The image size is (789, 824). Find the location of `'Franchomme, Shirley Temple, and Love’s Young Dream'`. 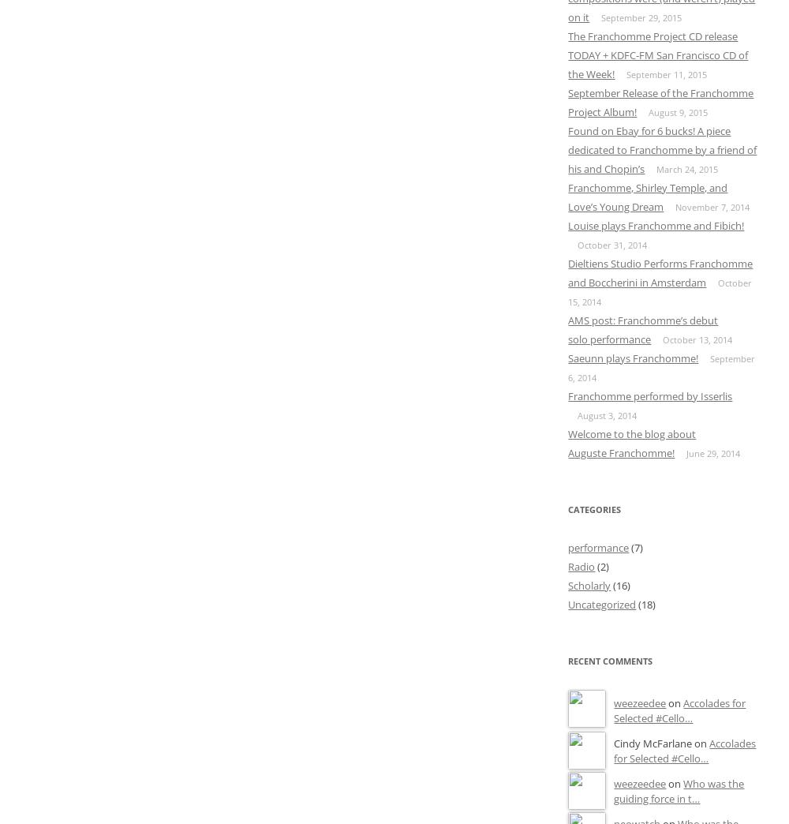

'Franchomme, Shirley Temple, and Love’s Young Dream' is located at coordinates (647, 196).